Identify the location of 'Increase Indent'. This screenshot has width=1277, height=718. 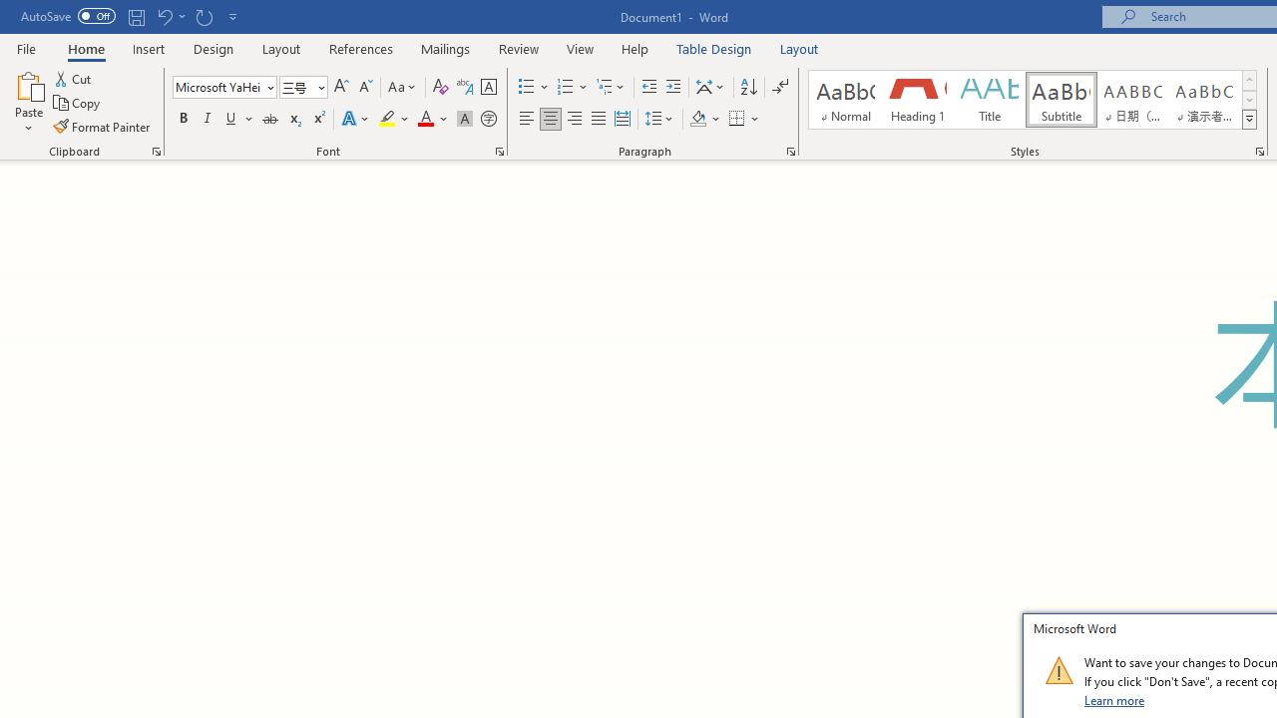
(673, 86).